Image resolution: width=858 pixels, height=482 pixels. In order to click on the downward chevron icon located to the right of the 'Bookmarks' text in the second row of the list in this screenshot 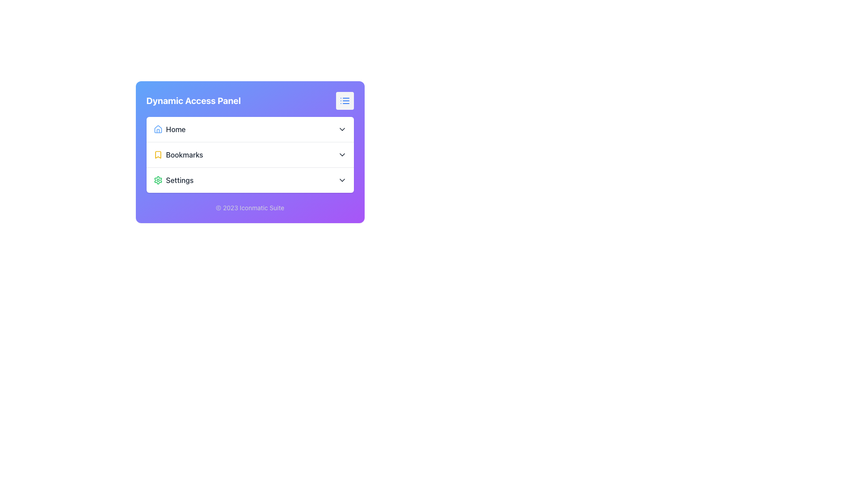, I will do `click(341, 154)`.